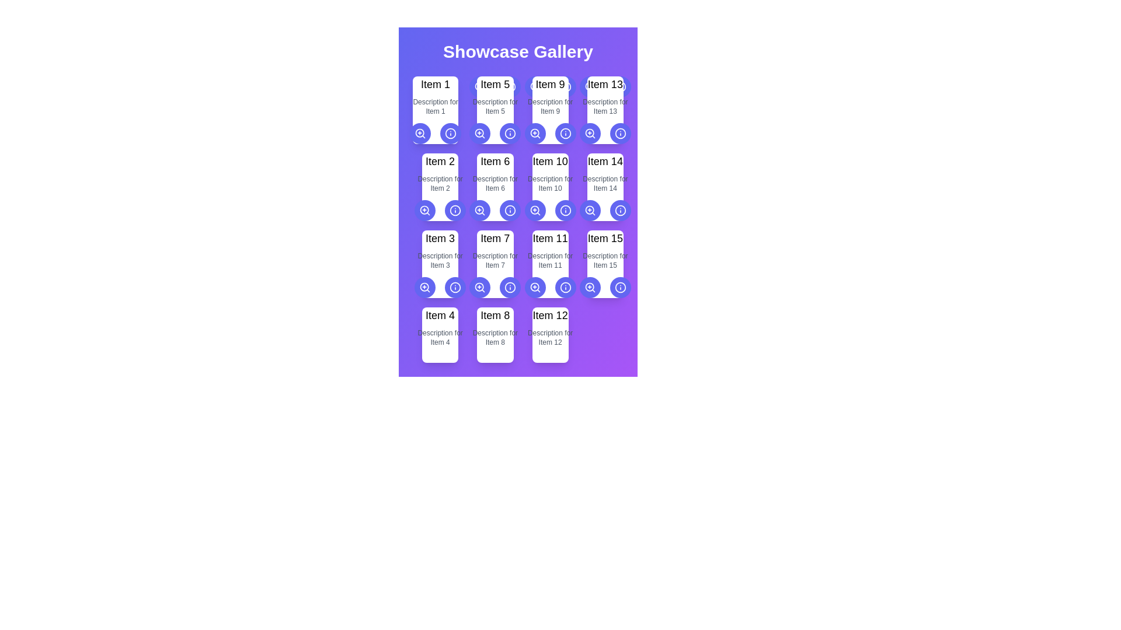 The height and width of the screenshot is (630, 1121). What do you see at coordinates (440, 337) in the screenshot?
I see `the text label displaying 'Description for Item 4', which is styled in a small gray font and positioned beneath the main title of 'Item 4'` at bounding box center [440, 337].